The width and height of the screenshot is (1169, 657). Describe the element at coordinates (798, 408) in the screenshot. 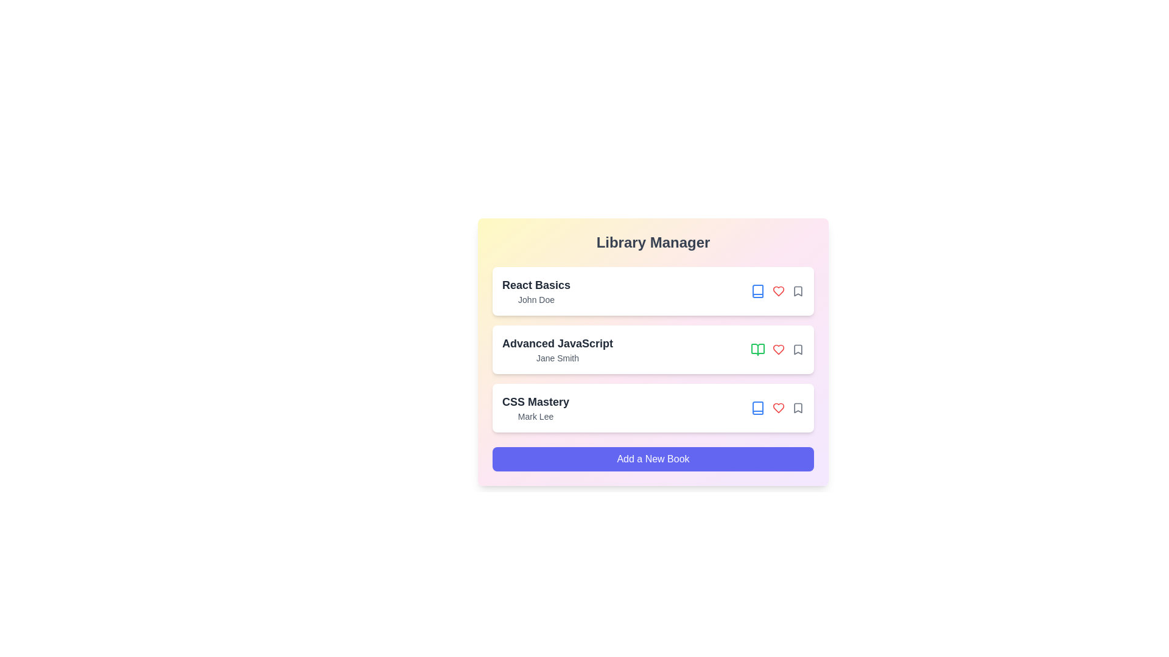

I see `the bookmark icon for the book titled 'CSS Mastery'` at that location.